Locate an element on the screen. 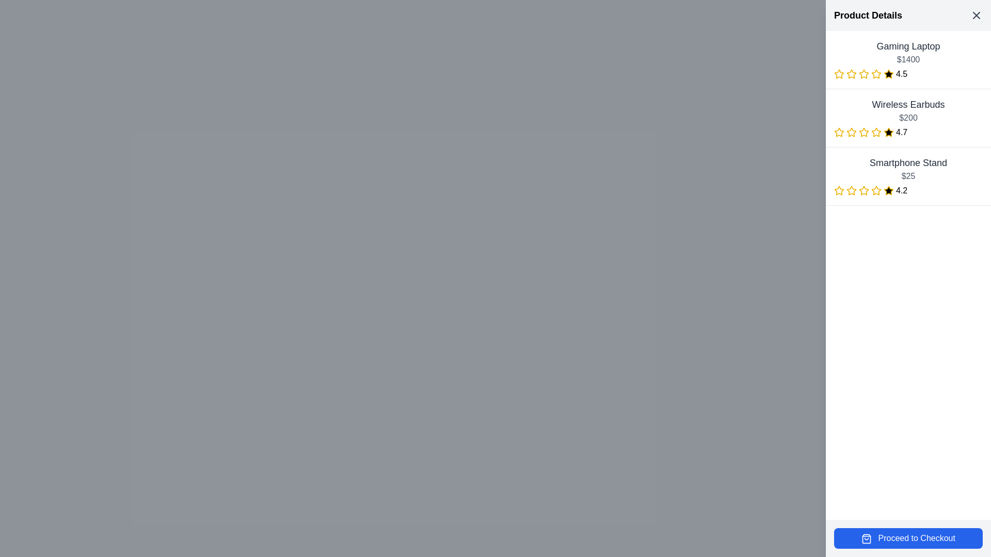 This screenshot has height=557, width=991. the fifth star icon in the product rating section for the 'Gaming Laptop' is located at coordinates (888, 73).